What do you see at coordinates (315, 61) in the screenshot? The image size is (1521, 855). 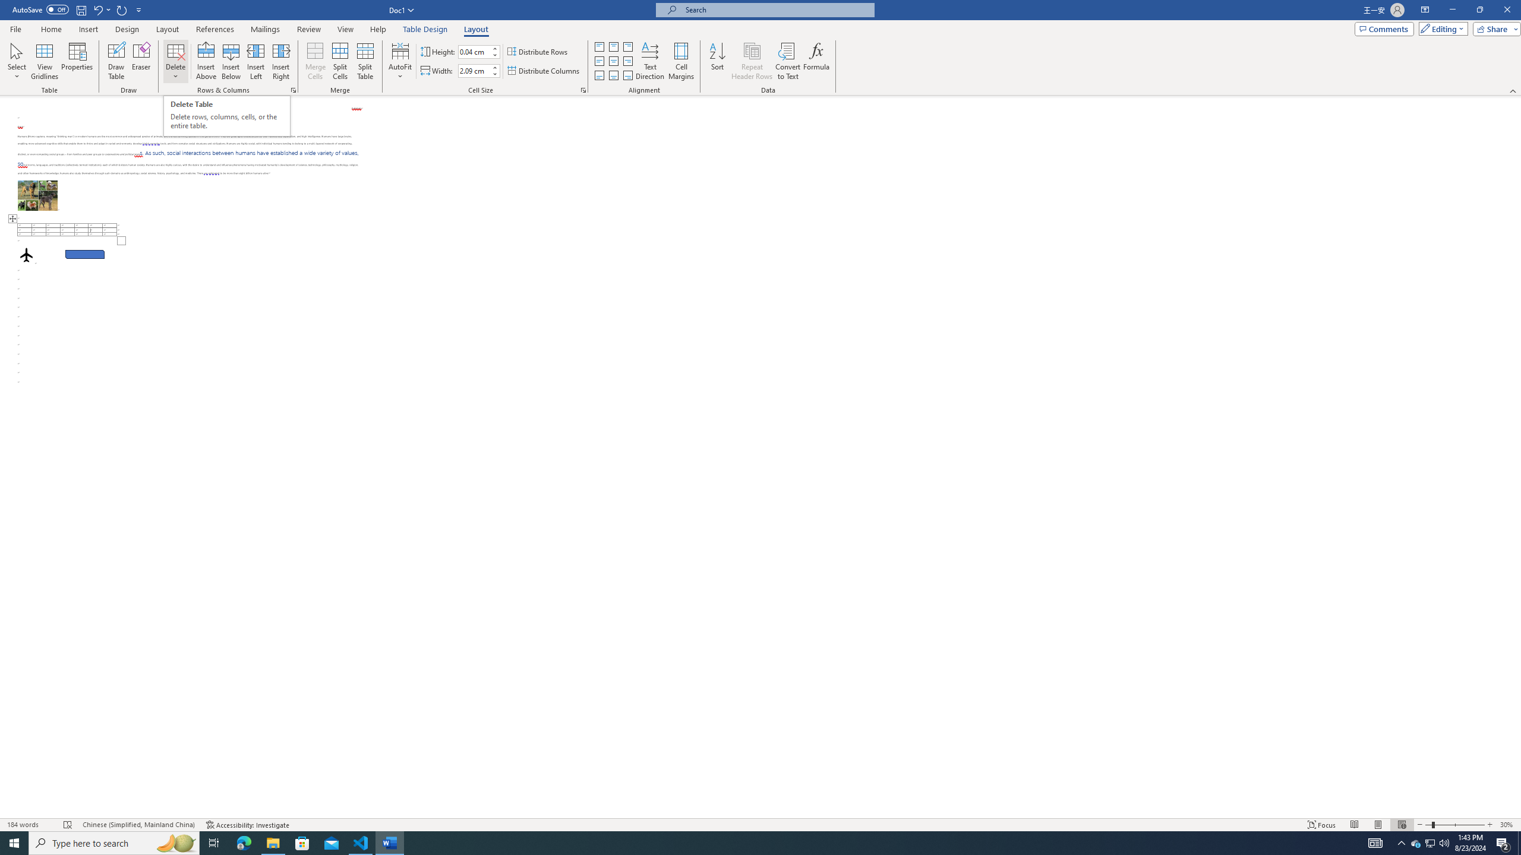 I see `'Merge Cells'` at bounding box center [315, 61].